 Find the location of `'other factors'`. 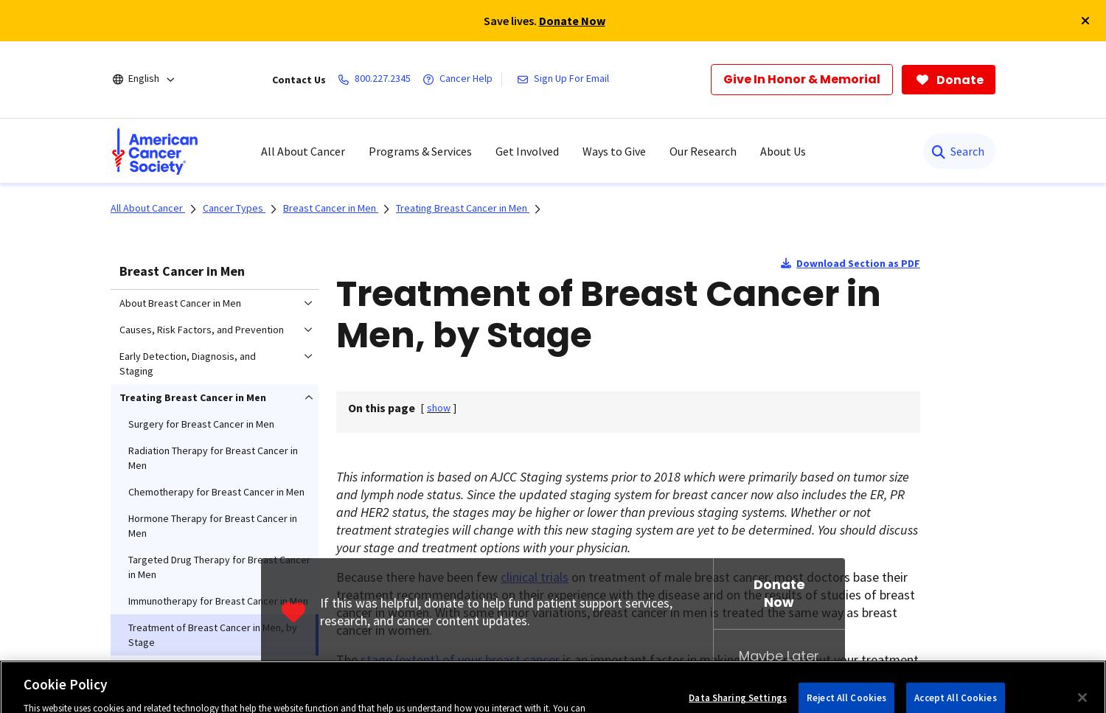

'other factors' is located at coordinates (396, 694).